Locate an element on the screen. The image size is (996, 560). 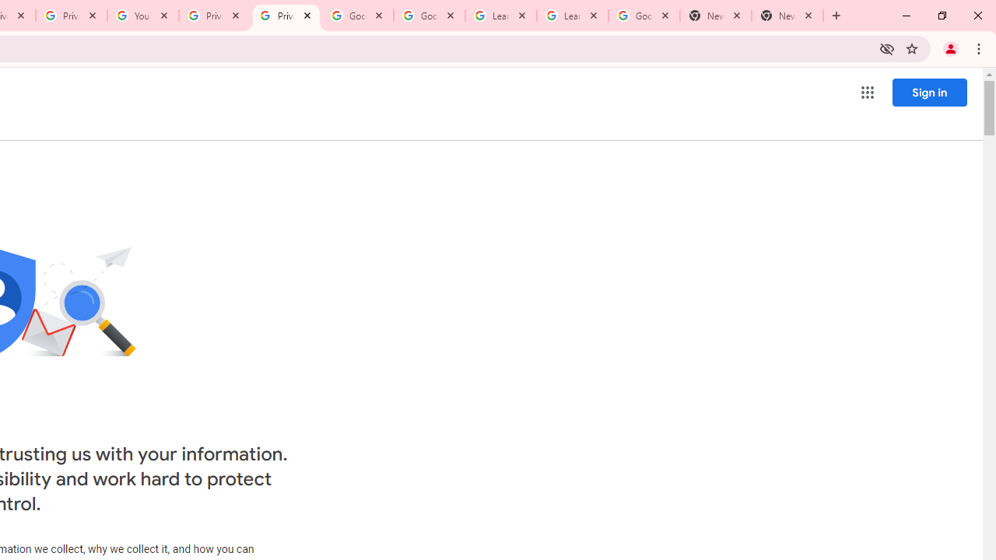
'YouTube' is located at coordinates (143, 16).